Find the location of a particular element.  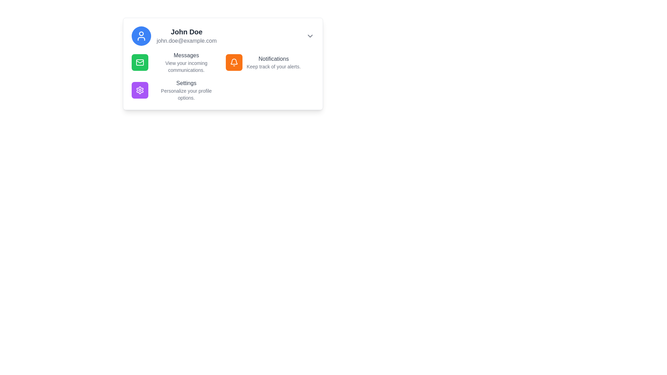

the notification button located in the top-right quarter of the grid layout is located at coordinates (270, 62).